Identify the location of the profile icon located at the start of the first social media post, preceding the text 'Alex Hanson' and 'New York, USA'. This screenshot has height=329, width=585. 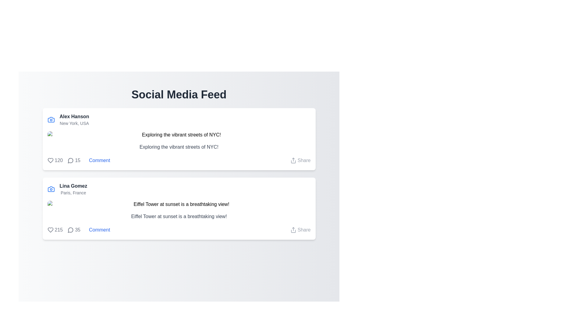
(51, 120).